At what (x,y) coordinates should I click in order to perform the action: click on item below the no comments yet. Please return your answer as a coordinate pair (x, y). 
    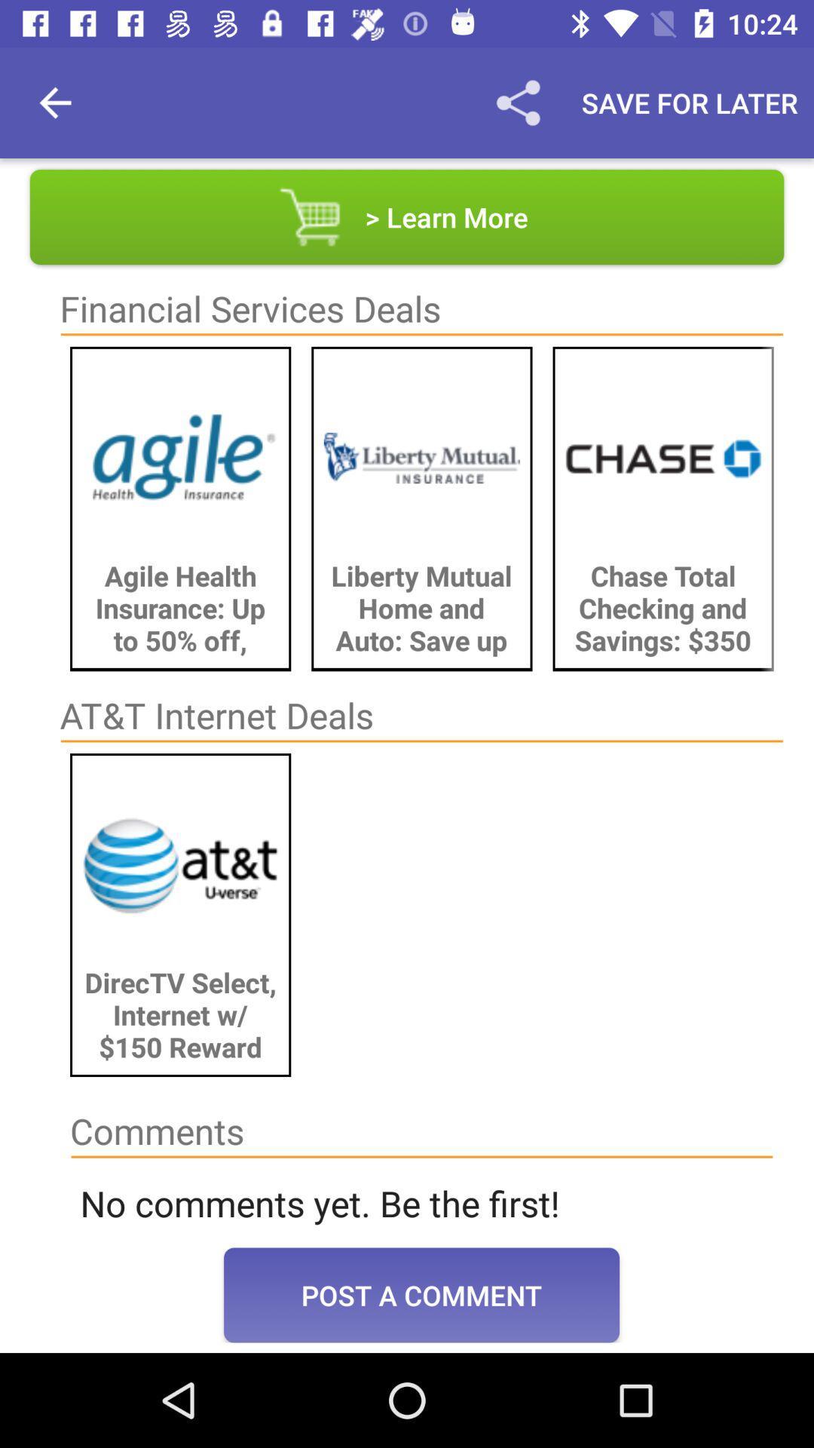
    Looking at the image, I should click on (421, 1294).